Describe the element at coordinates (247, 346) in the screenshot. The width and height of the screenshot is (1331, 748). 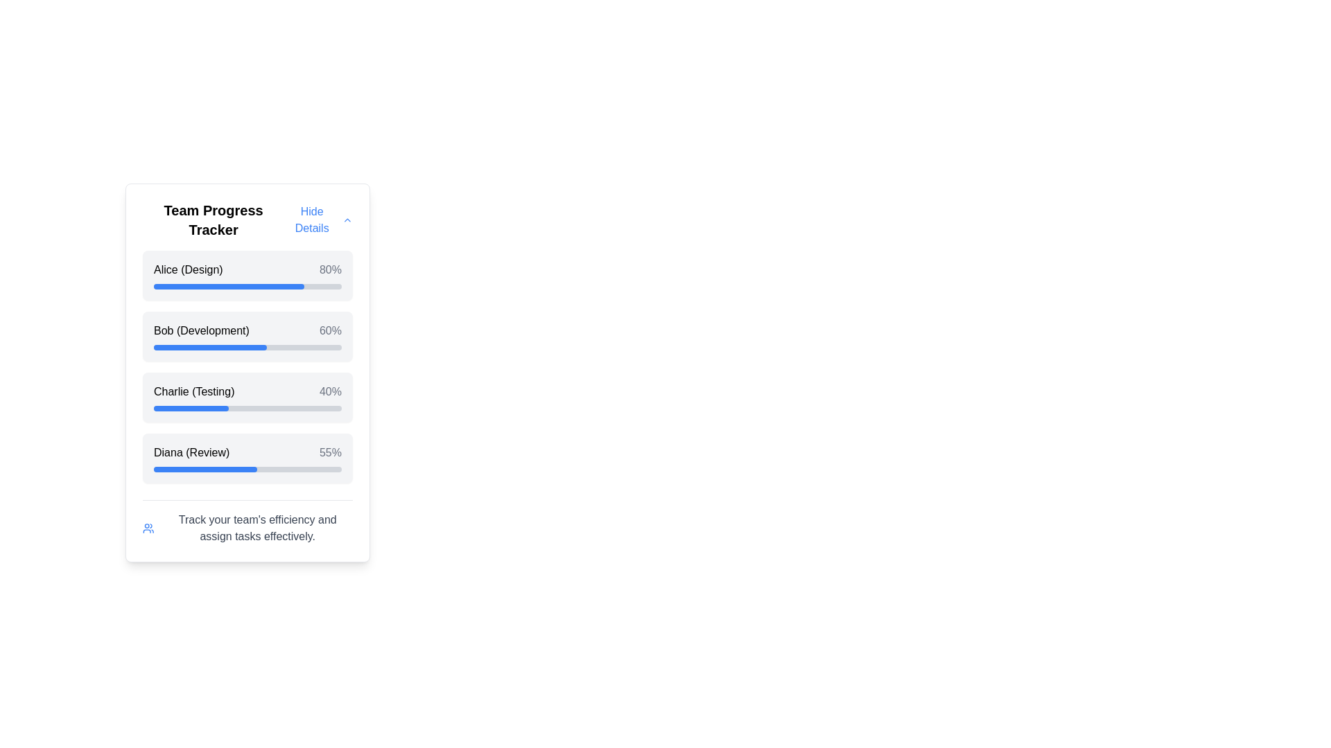
I see `the progress bar indicating 60% completion, styled with rounded edges, located within the card labeled 'Bob (Development)' and positioned beneath the text '60%'` at that location.